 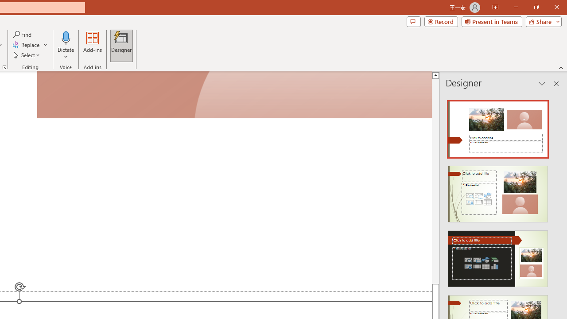 I want to click on 'Format Object...', so click(x=4, y=66).